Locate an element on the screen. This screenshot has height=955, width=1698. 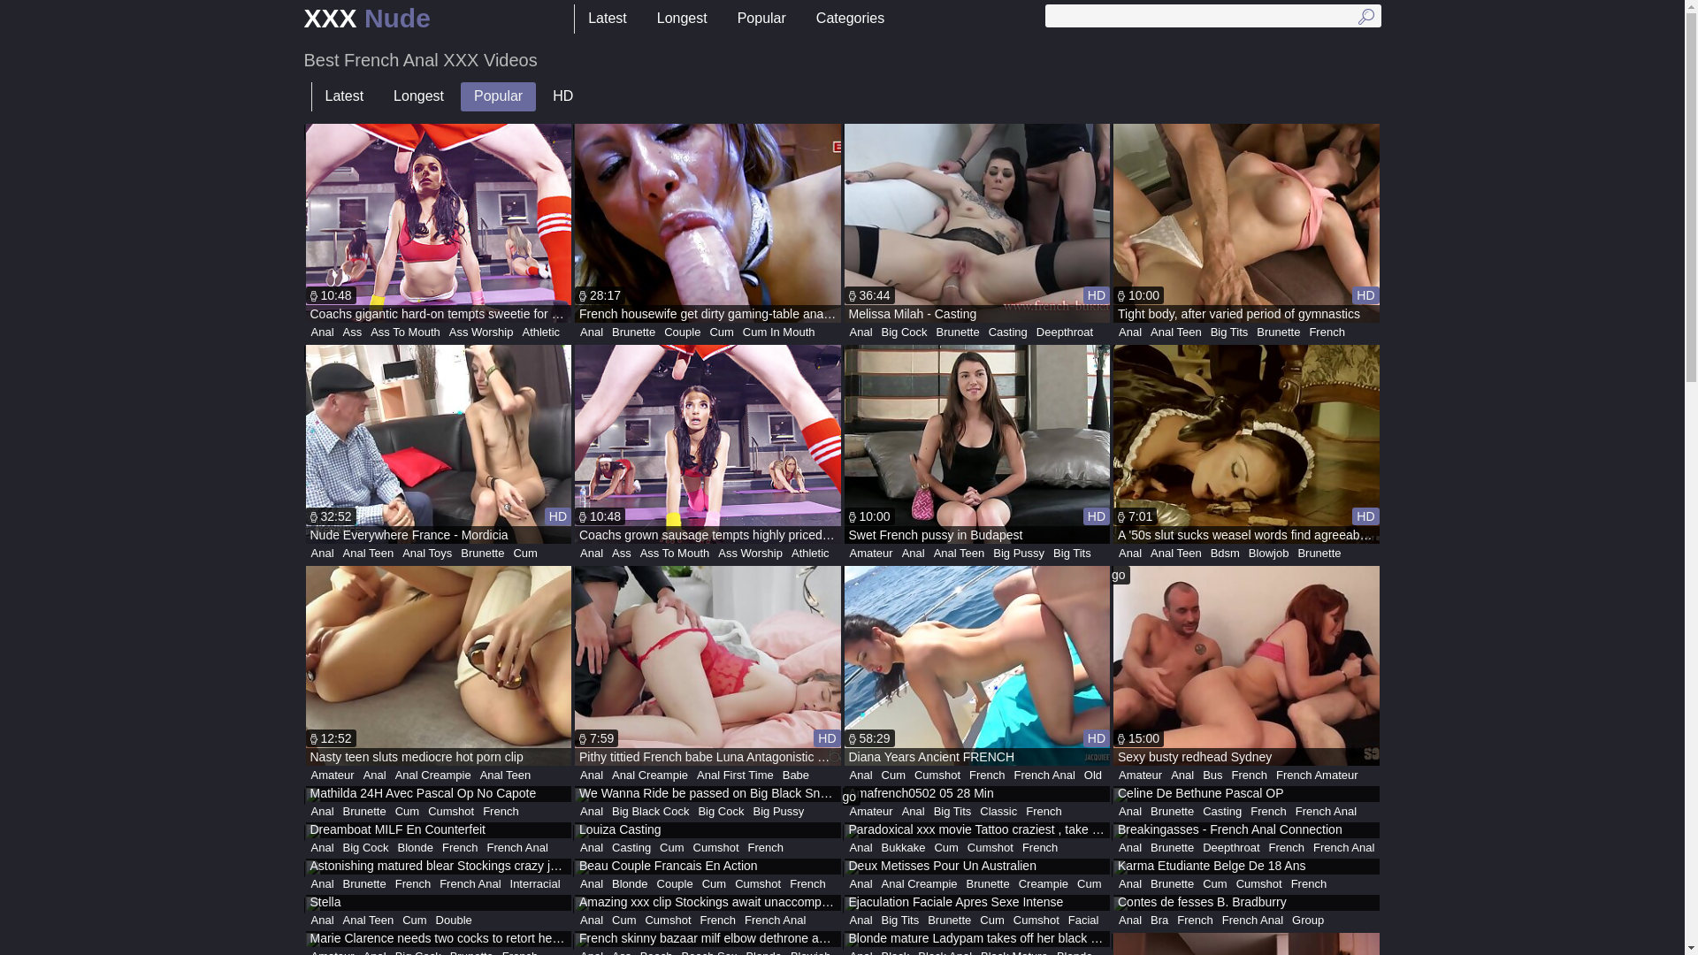
'Ass To Mouth' is located at coordinates (364, 332).